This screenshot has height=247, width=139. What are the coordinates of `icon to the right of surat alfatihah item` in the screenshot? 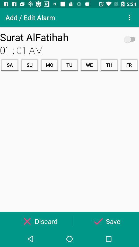 It's located at (131, 39).